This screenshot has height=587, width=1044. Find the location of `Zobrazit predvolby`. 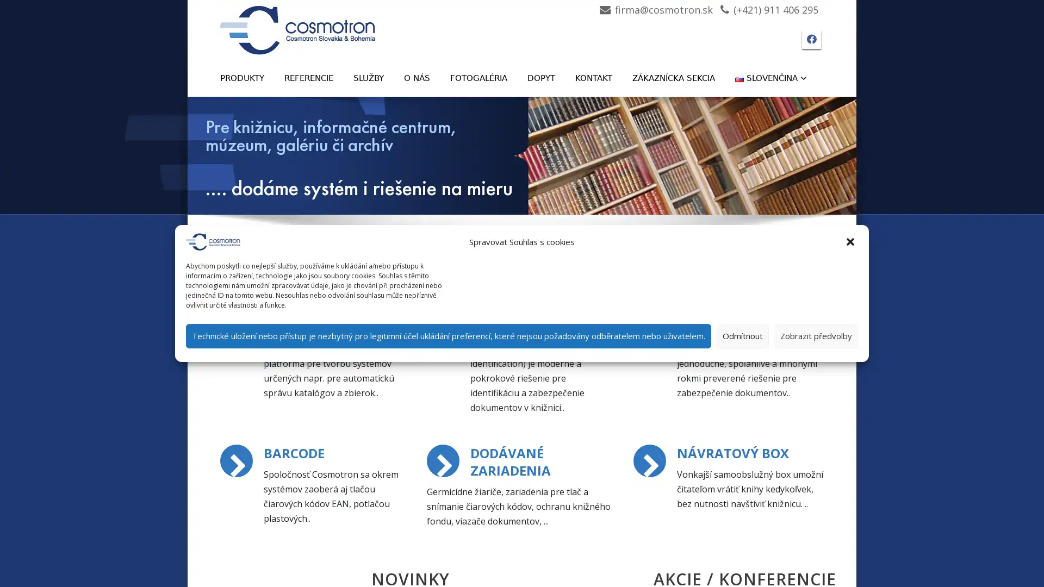

Zobrazit predvolby is located at coordinates (816, 335).